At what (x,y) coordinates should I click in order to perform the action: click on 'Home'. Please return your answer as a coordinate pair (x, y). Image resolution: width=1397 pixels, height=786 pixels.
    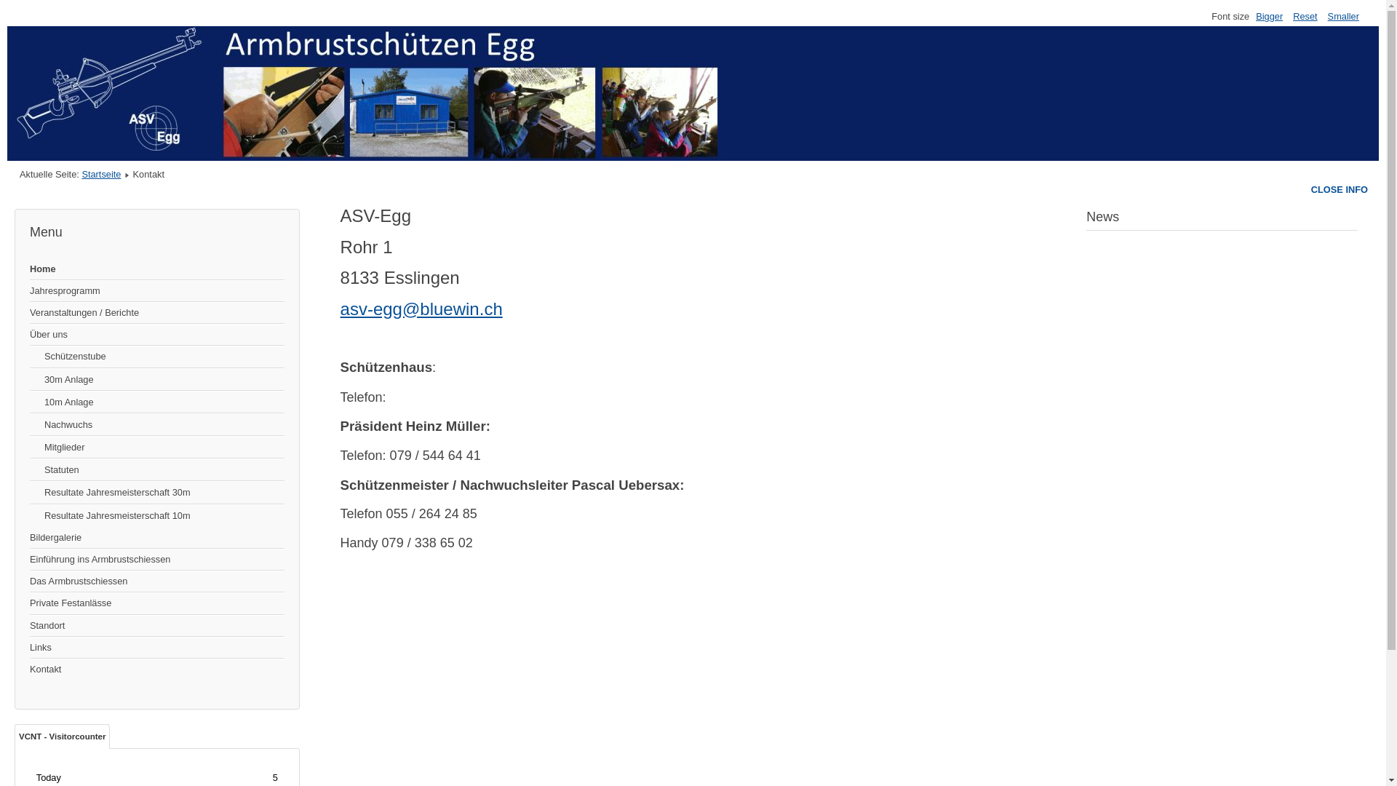
    Looking at the image, I should click on (157, 269).